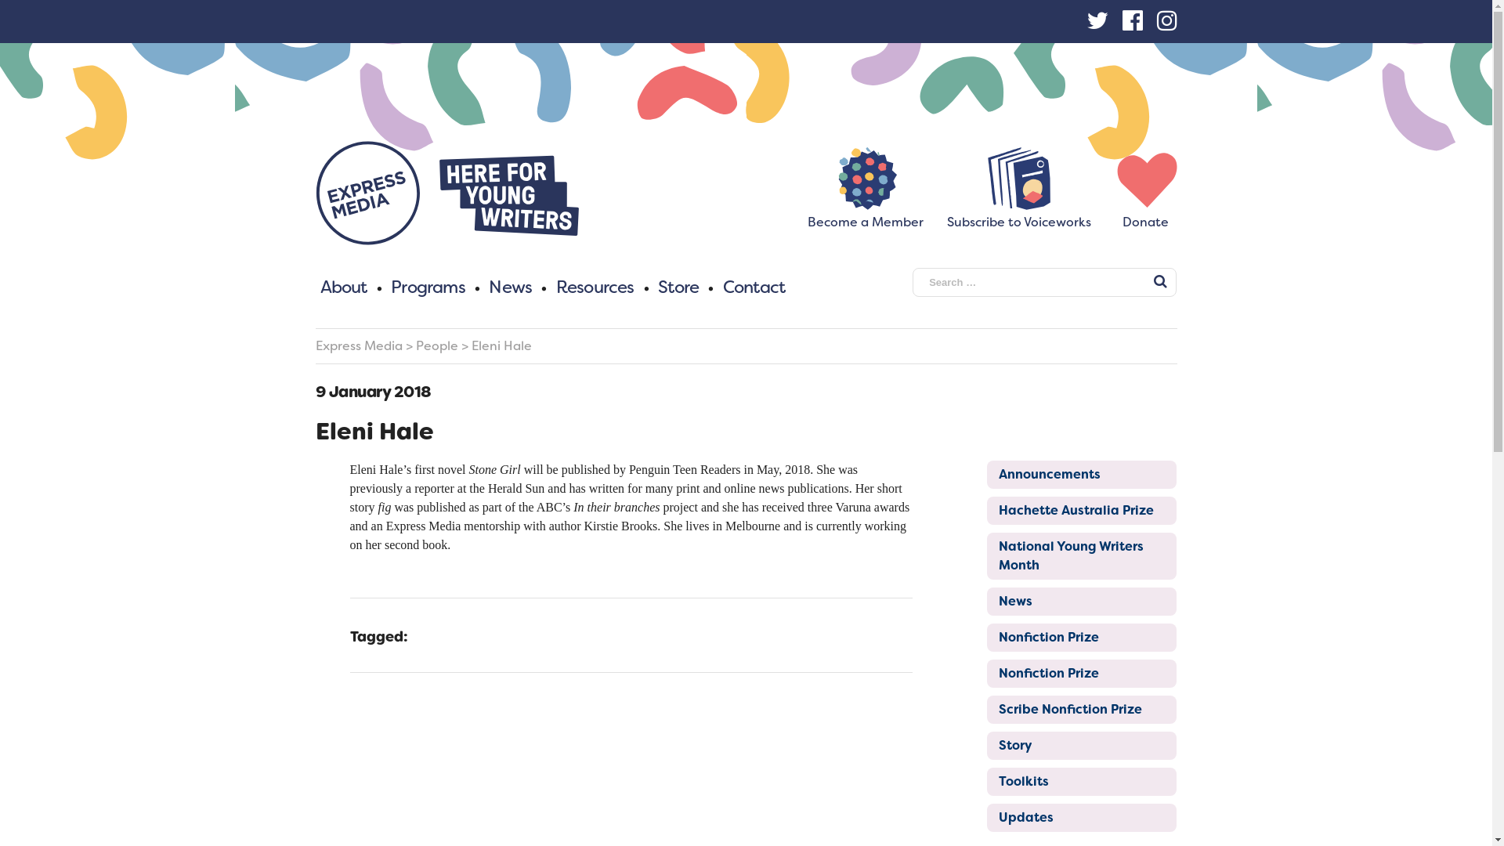 Image resolution: width=1504 pixels, height=846 pixels. I want to click on 'Scribe Nonfiction Prize', so click(1081, 710).